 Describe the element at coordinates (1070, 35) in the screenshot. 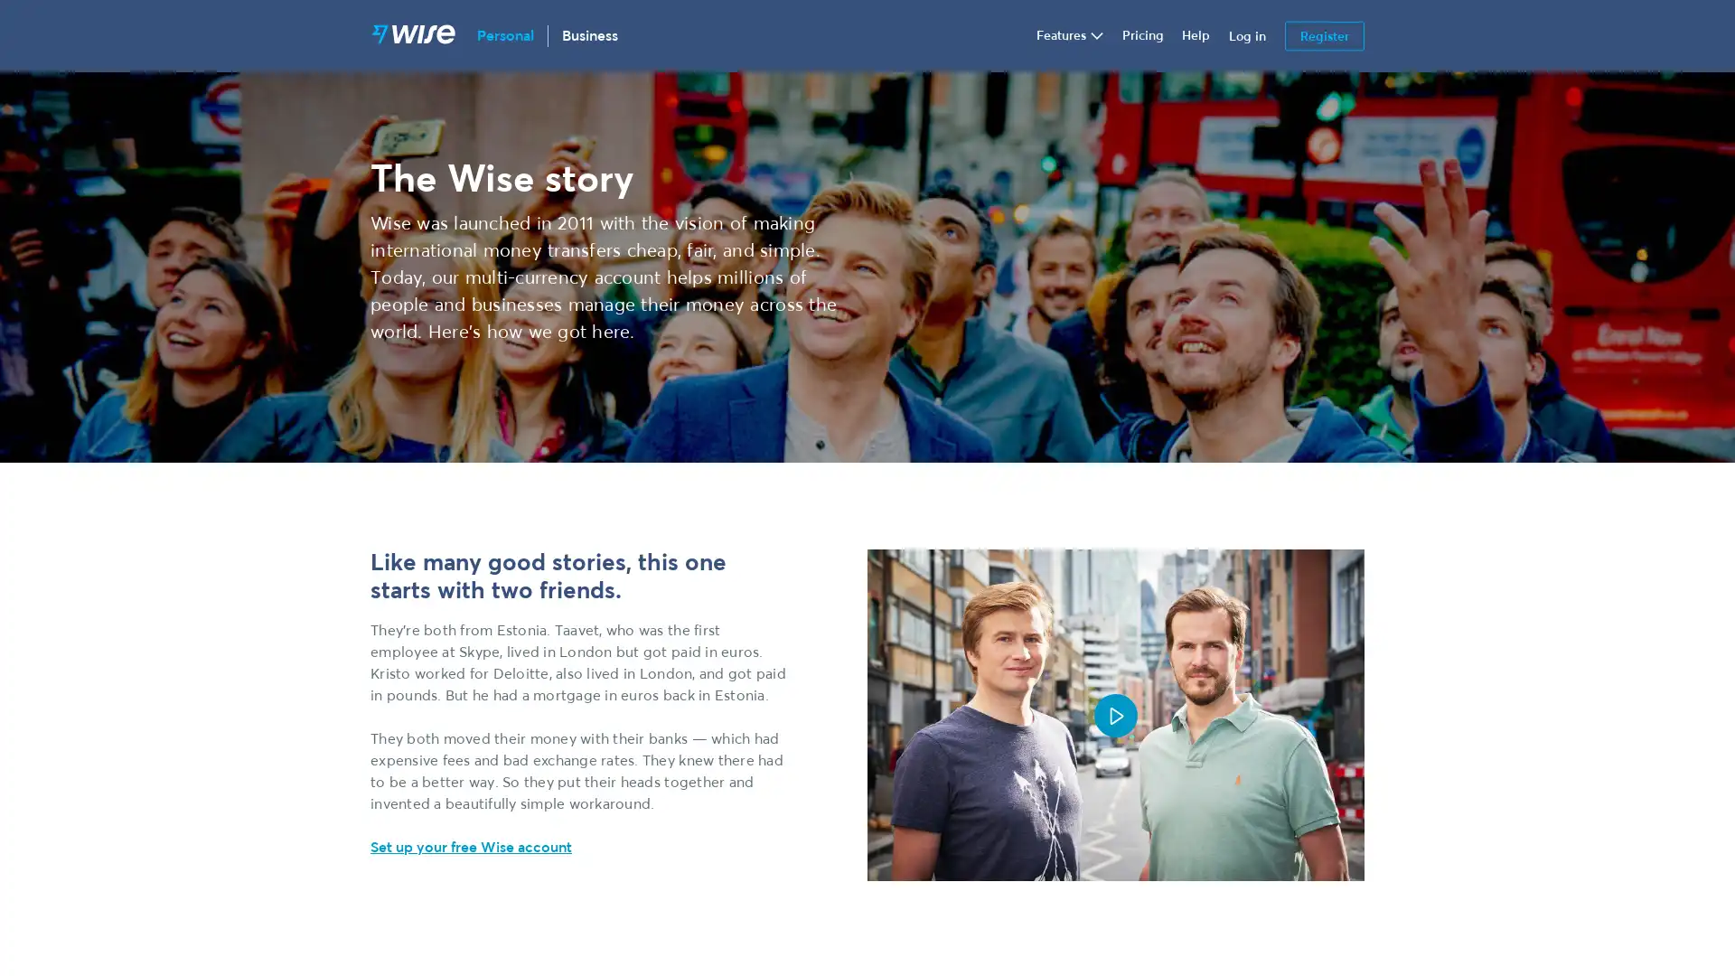

I see `Features` at that location.